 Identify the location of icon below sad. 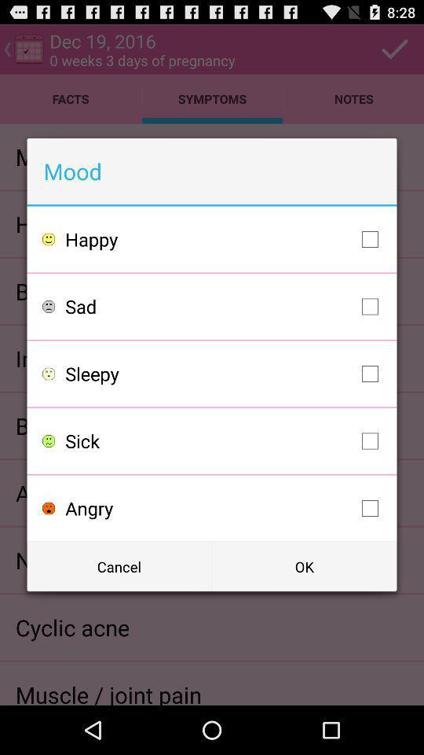
(225, 374).